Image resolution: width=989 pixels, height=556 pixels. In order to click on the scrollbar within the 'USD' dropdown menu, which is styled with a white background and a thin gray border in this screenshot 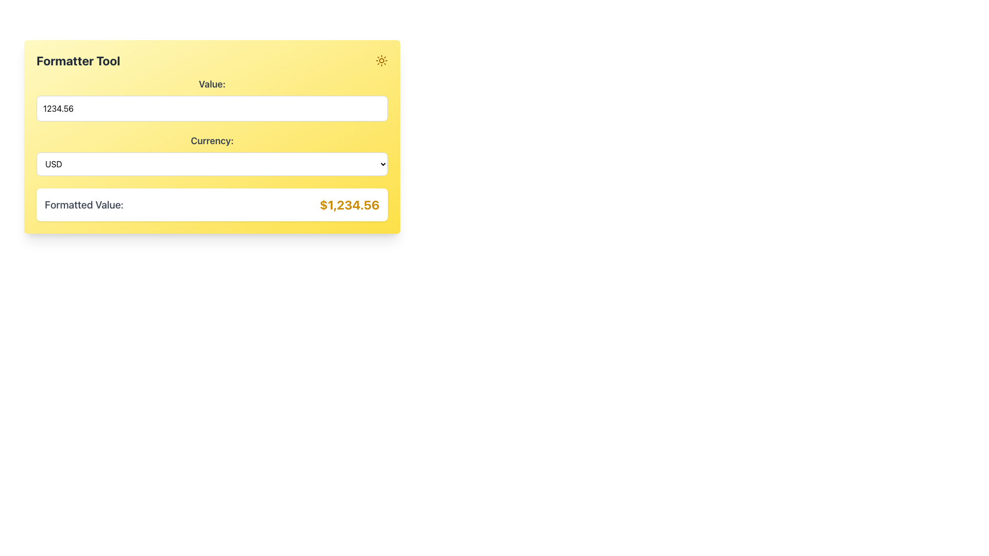, I will do `click(212, 164)`.